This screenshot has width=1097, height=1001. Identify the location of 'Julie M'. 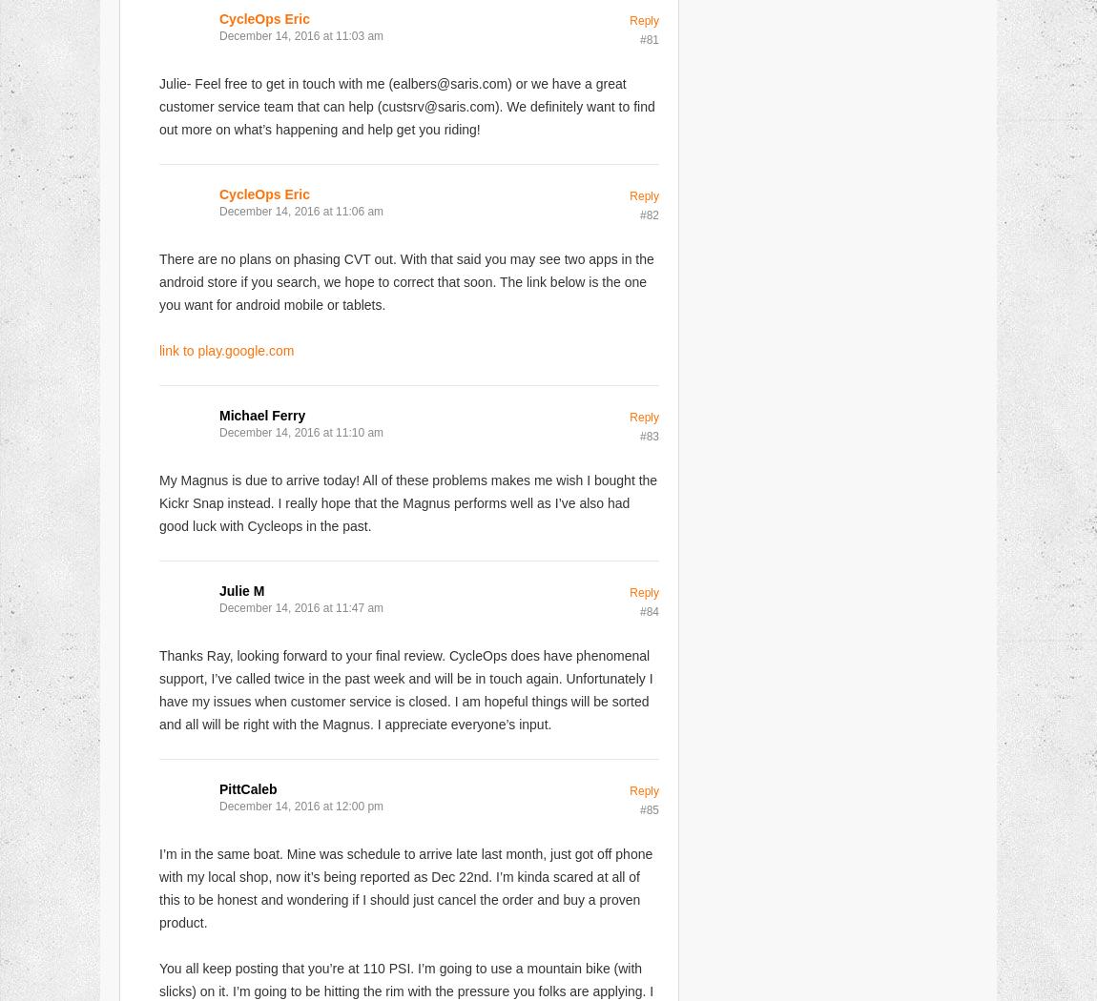
(240, 589).